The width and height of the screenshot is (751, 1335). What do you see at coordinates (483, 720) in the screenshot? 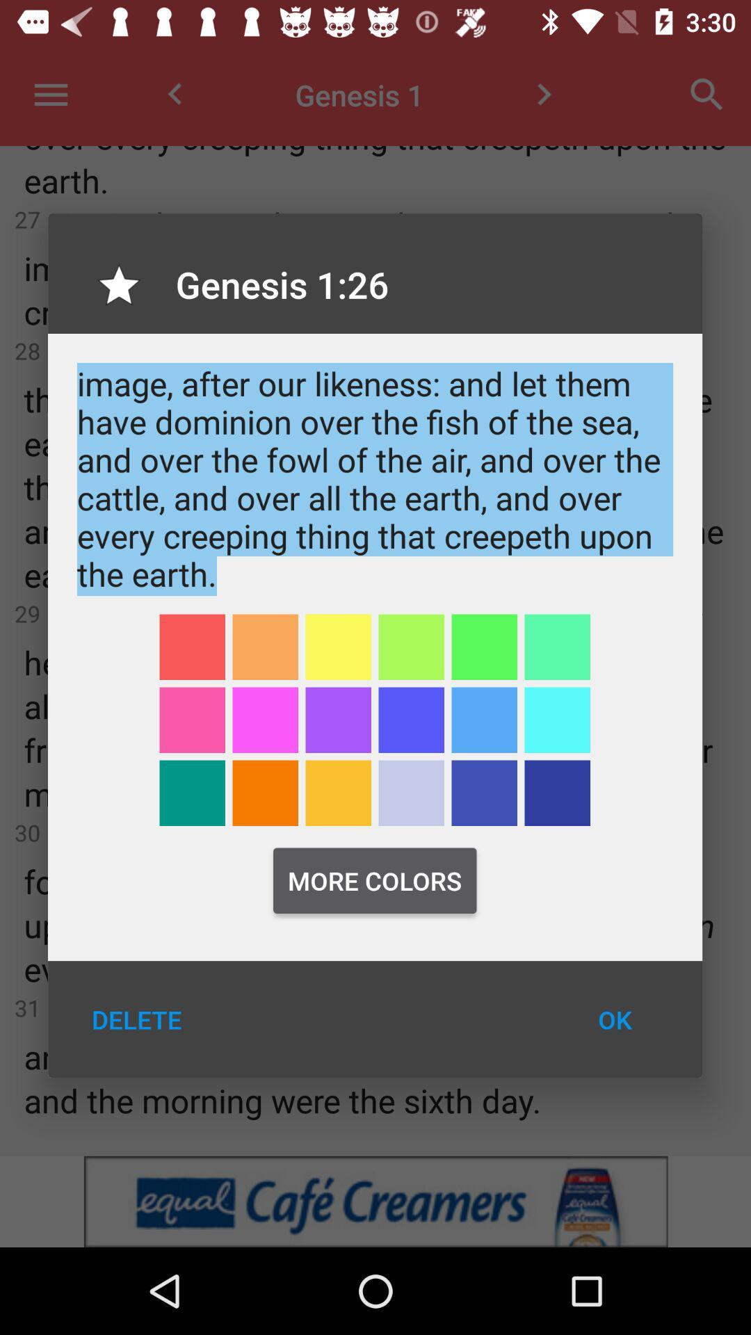
I see `pick the color` at bounding box center [483, 720].